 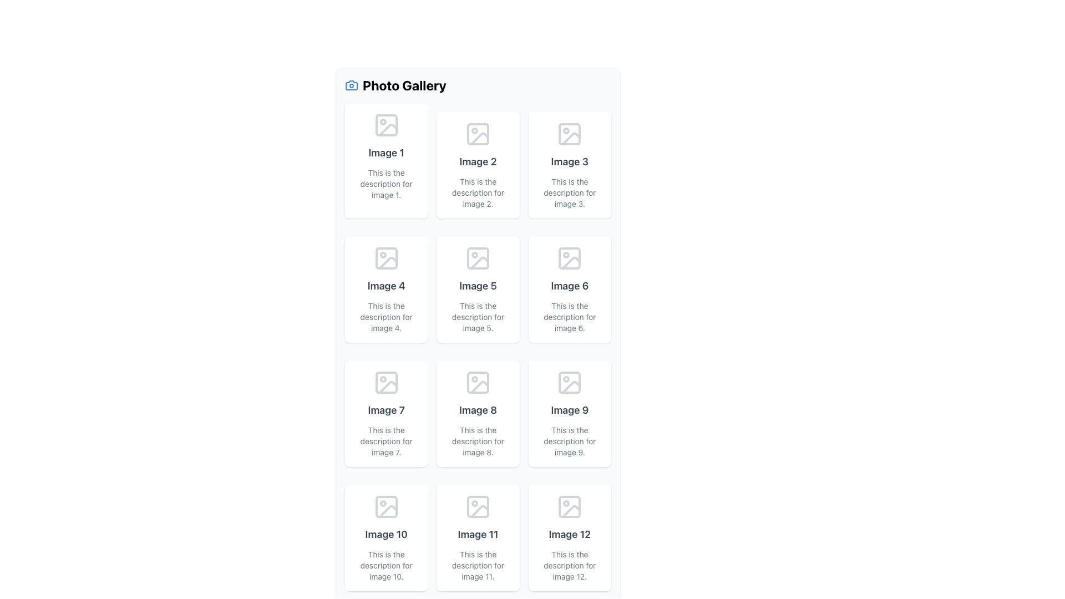 What do you see at coordinates (570, 317) in the screenshot?
I see `informative label text associated with 'Image 6' in the gallery layout, positioned beneath its title` at bounding box center [570, 317].